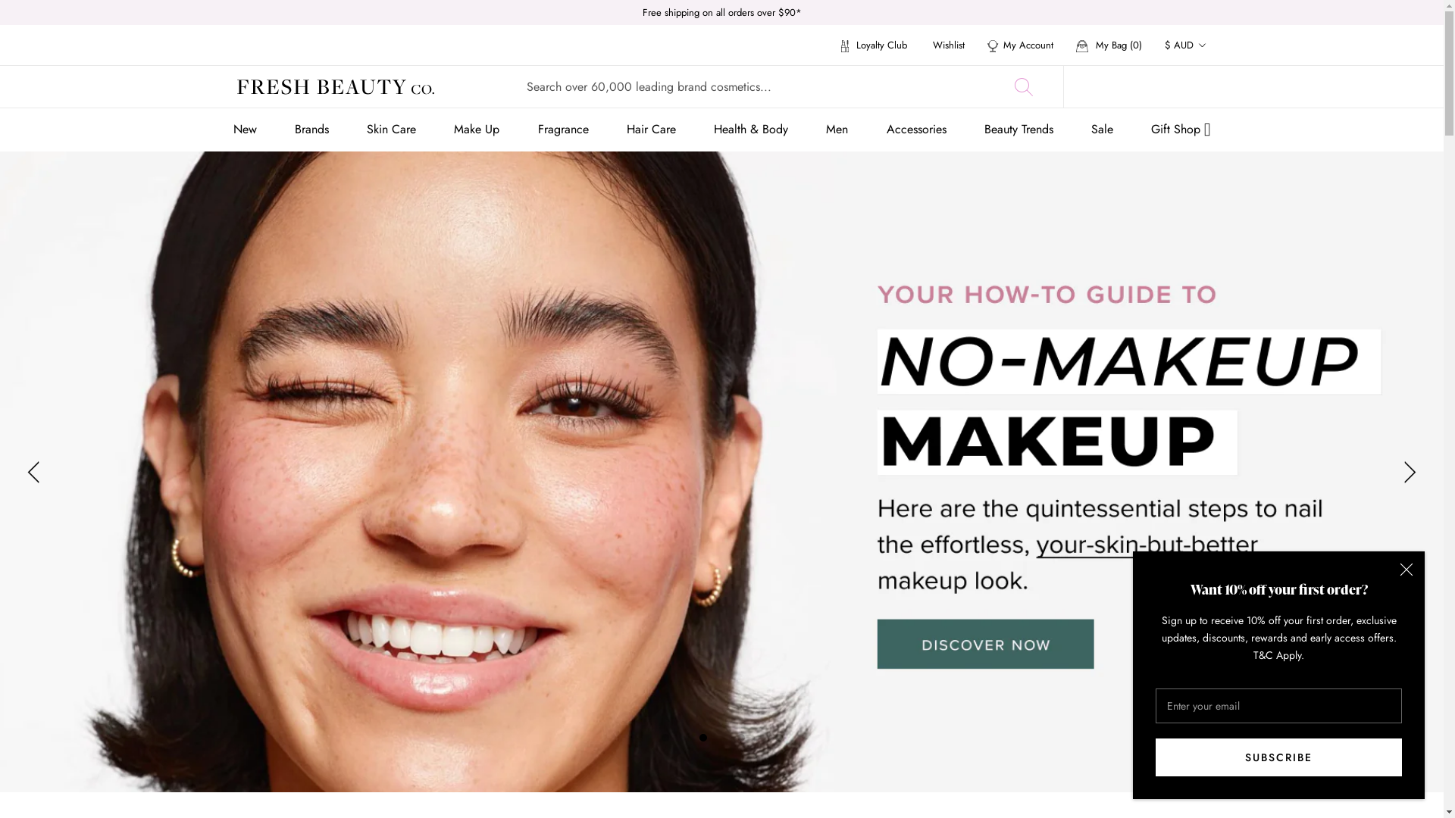 The width and height of the screenshot is (1455, 818). I want to click on 'My Bag (0)', so click(1109, 44).